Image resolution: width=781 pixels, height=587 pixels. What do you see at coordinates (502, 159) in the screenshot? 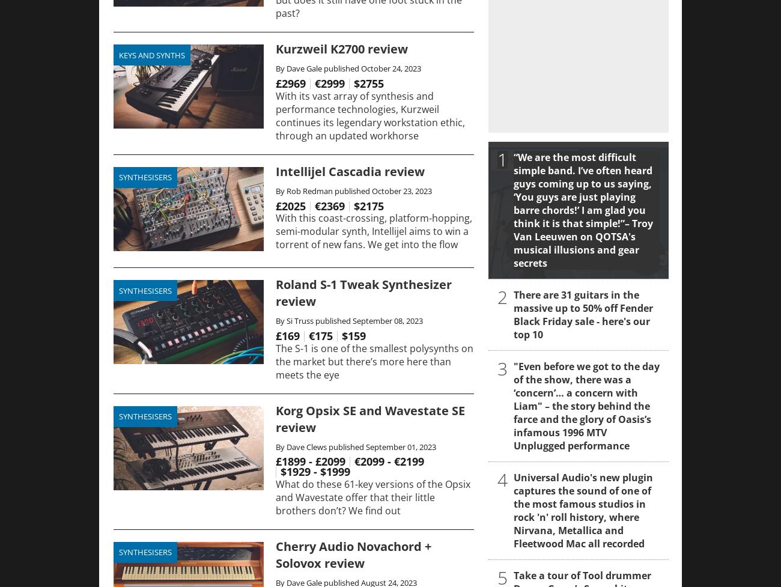
I see `'1'` at bounding box center [502, 159].